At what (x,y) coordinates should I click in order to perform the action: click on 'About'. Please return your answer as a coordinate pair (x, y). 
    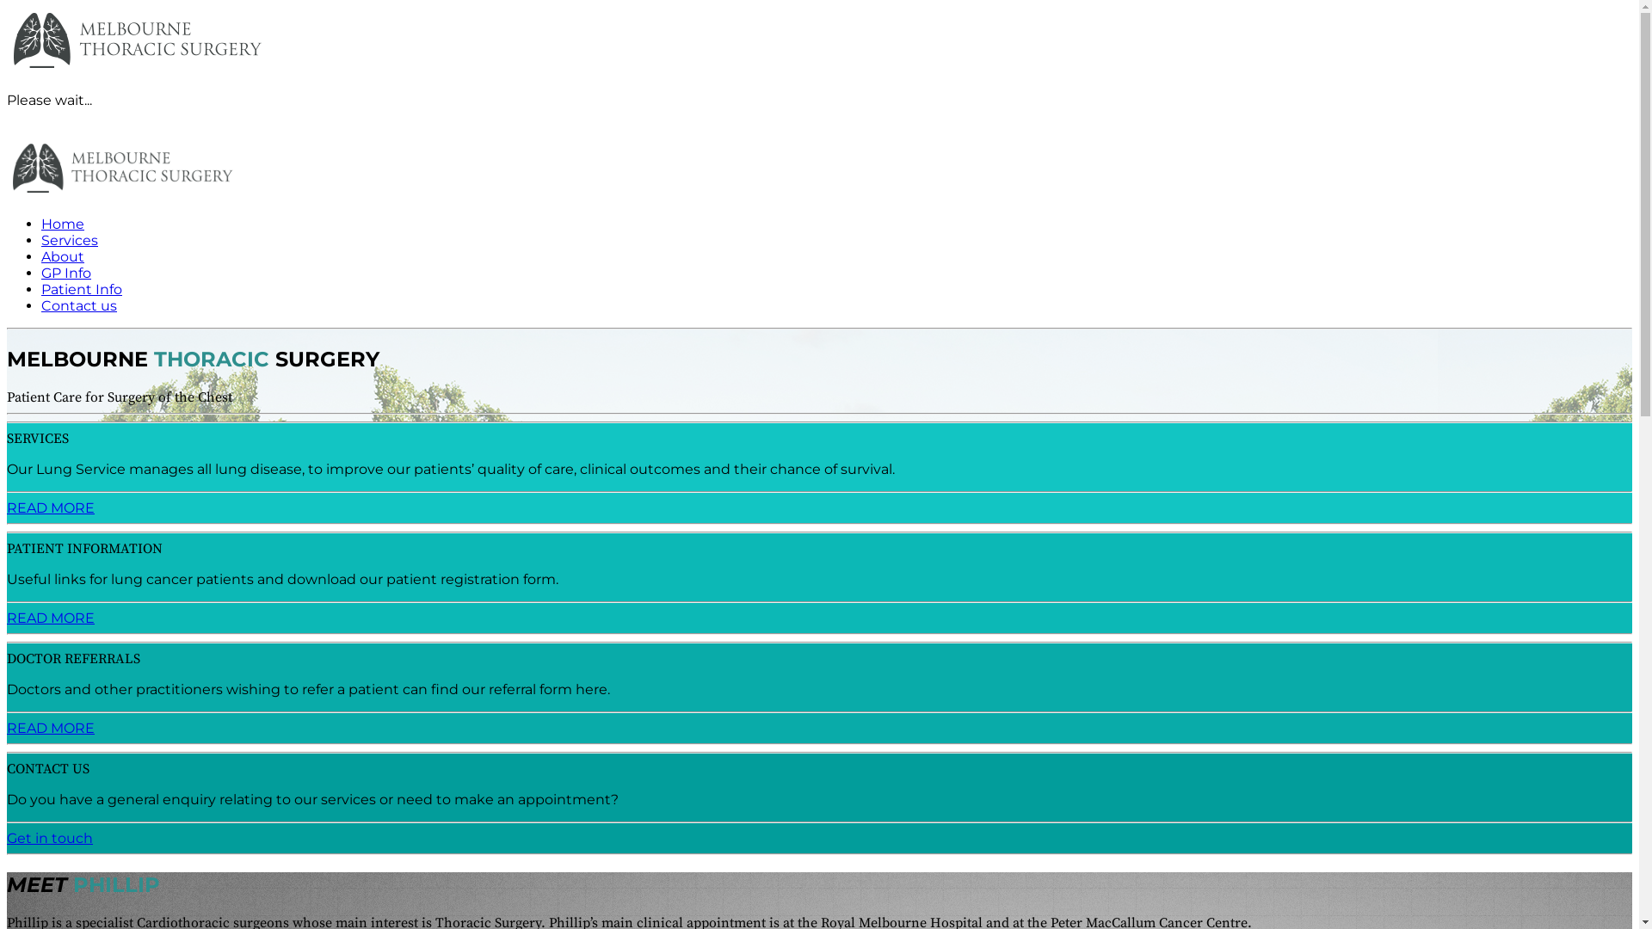
    Looking at the image, I should click on (62, 256).